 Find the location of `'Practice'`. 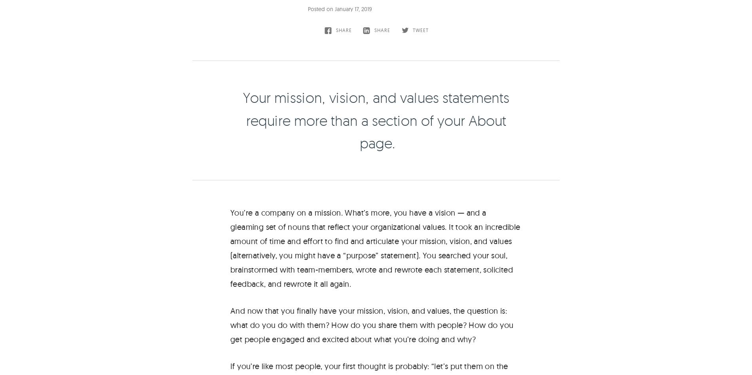

'Practice' is located at coordinates (388, 317).